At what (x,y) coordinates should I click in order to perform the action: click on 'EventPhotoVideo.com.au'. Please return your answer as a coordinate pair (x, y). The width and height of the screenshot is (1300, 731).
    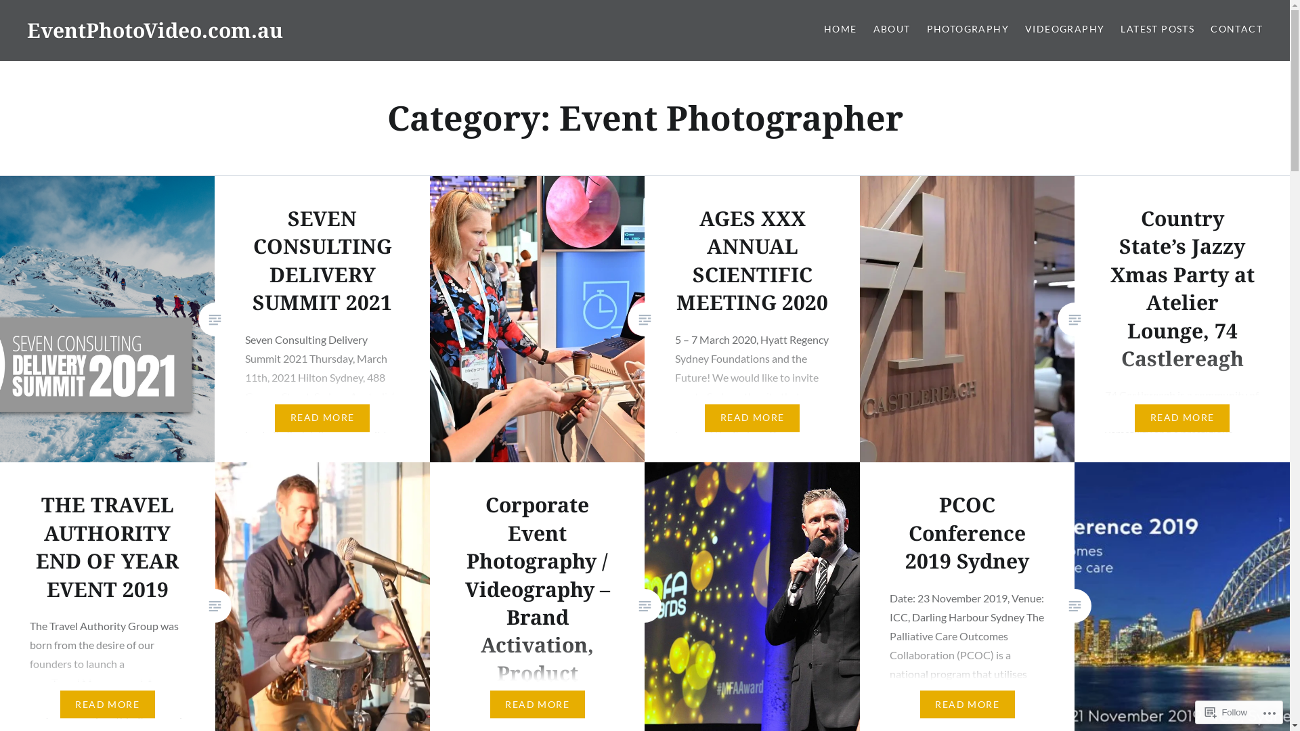
    Looking at the image, I should click on (26, 30).